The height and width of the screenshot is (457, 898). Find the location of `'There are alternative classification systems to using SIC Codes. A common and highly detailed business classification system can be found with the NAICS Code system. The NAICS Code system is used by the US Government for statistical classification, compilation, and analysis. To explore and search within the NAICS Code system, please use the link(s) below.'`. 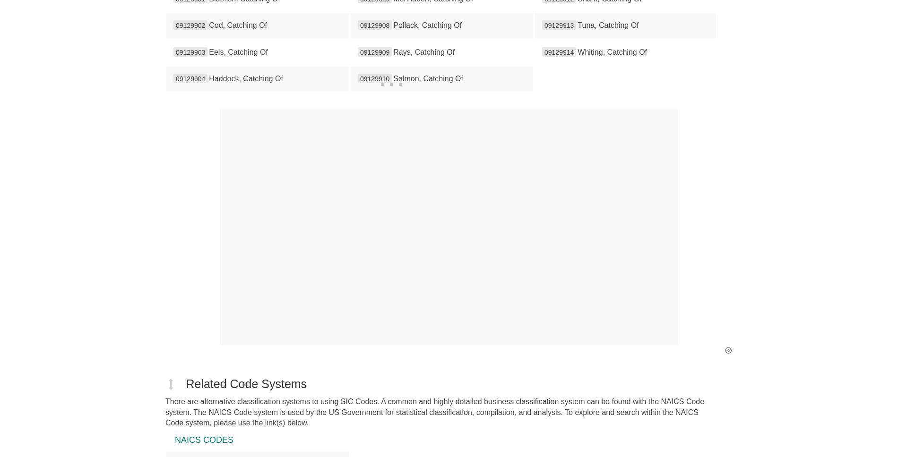

'There are alternative classification systems to using SIC Codes. A common and highly detailed business classification system can be found with the NAICS Code system. The NAICS Code system is used by the US Government for statistical classification, compilation, and analysis. To explore and search within the NAICS Code system, please use the link(s) below.' is located at coordinates (434, 412).